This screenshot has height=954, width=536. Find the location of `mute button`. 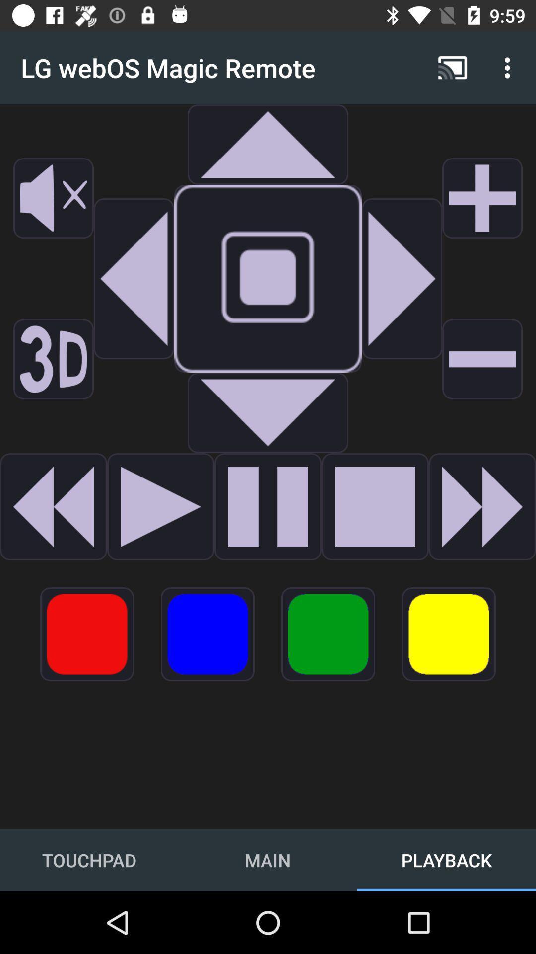

mute button is located at coordinates (54, 198).